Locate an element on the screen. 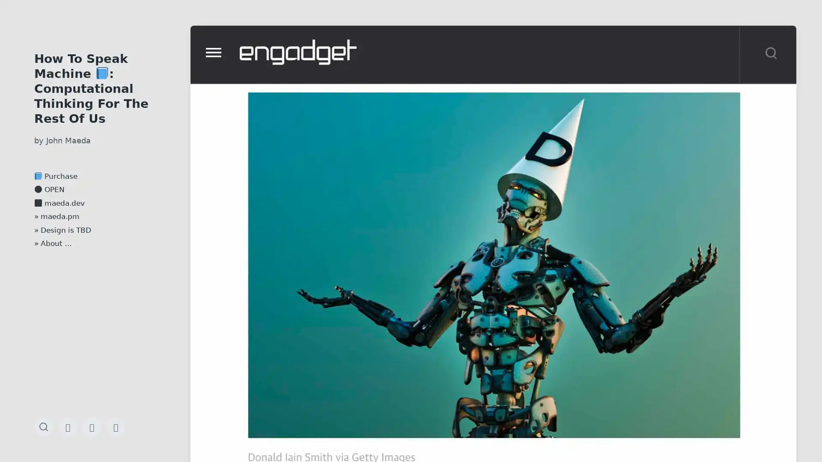  Toggle the search field is located at coordinates (43, 427).